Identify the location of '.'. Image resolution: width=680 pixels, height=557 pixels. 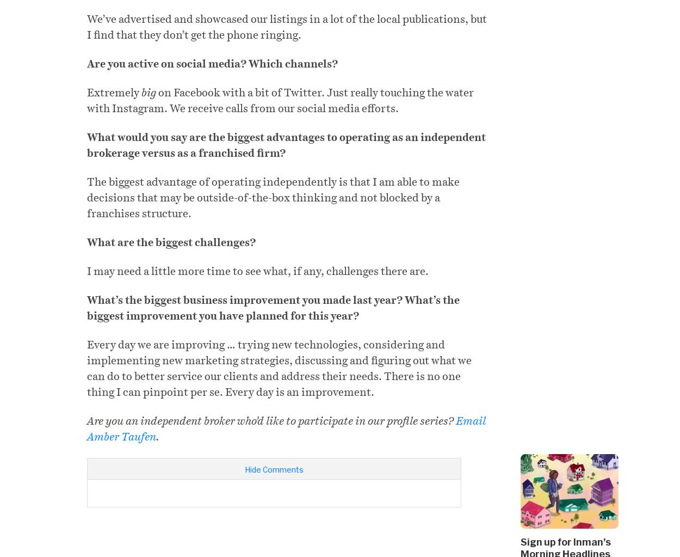
(158, 437).